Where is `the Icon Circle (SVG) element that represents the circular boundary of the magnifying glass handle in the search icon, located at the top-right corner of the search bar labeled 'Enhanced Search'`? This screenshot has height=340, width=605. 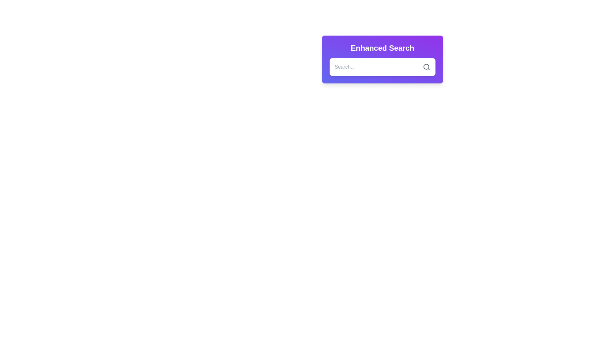
the Icon Circle (SVG) element that represents the circular boundary of the magnifying glass handle in the search icon, located at the top-right corner of the search bar labeled 'Enhanced Search' is located at coordinates (426, 67).